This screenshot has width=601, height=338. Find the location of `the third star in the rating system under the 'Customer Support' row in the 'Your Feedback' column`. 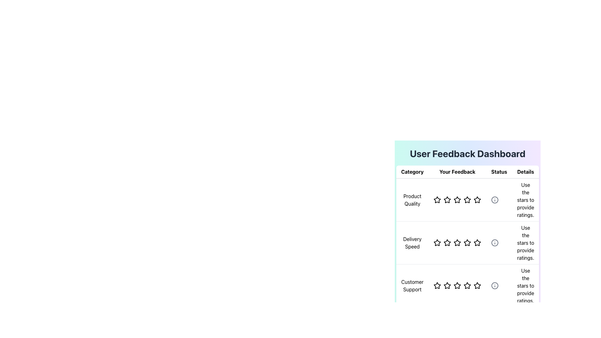

the third star in the rating system under the 'Customer Support' row in the 'Your Feedback' column is located at coordinates (457, 286).